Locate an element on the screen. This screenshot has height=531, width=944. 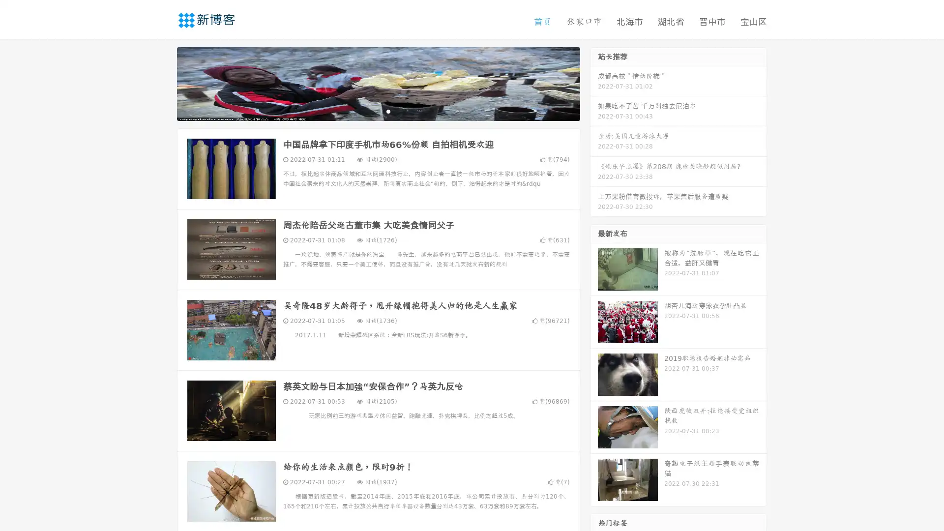
Go to slide 2 is located at coordinates (378, 111).